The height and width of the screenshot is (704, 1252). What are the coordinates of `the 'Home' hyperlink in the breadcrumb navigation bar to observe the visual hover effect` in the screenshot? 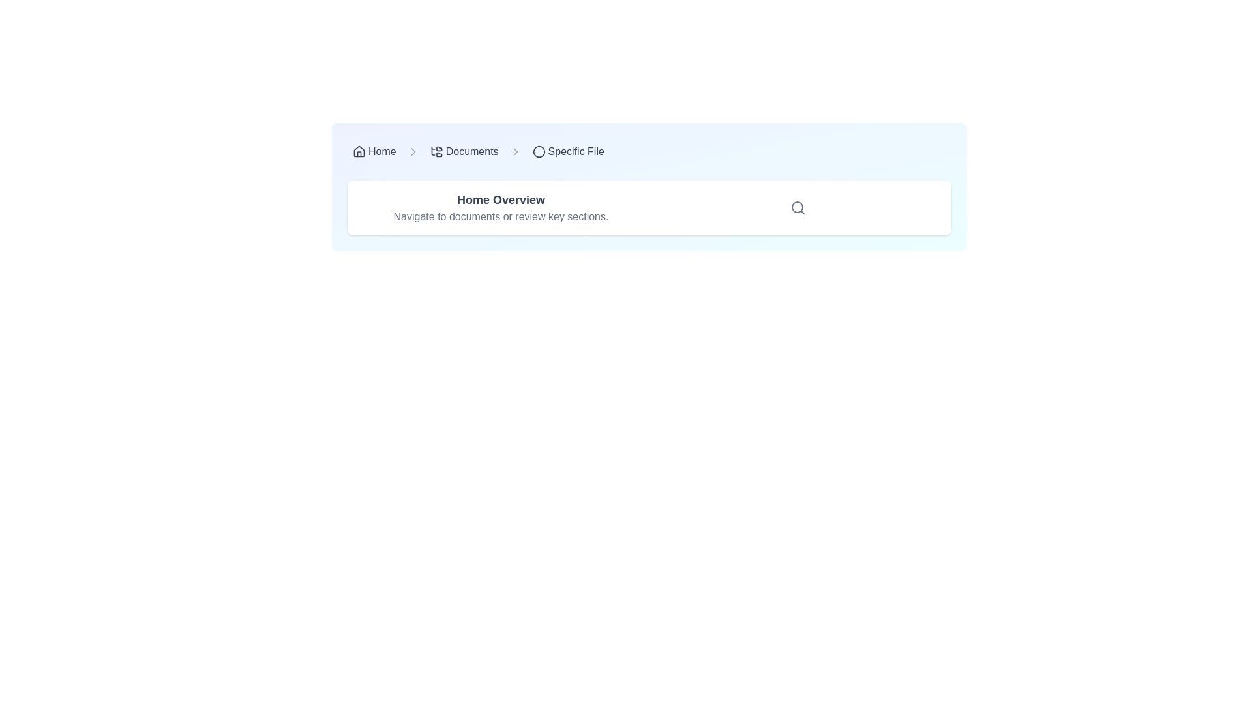 It's located at (374, 151).